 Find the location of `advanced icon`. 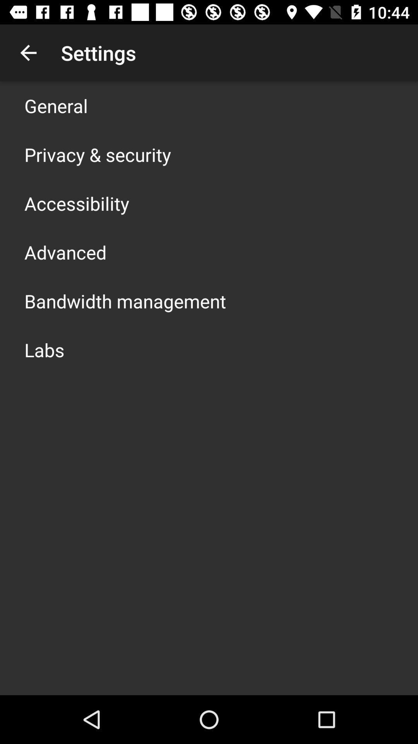

advanced icon is located at coordinates (65, 252).